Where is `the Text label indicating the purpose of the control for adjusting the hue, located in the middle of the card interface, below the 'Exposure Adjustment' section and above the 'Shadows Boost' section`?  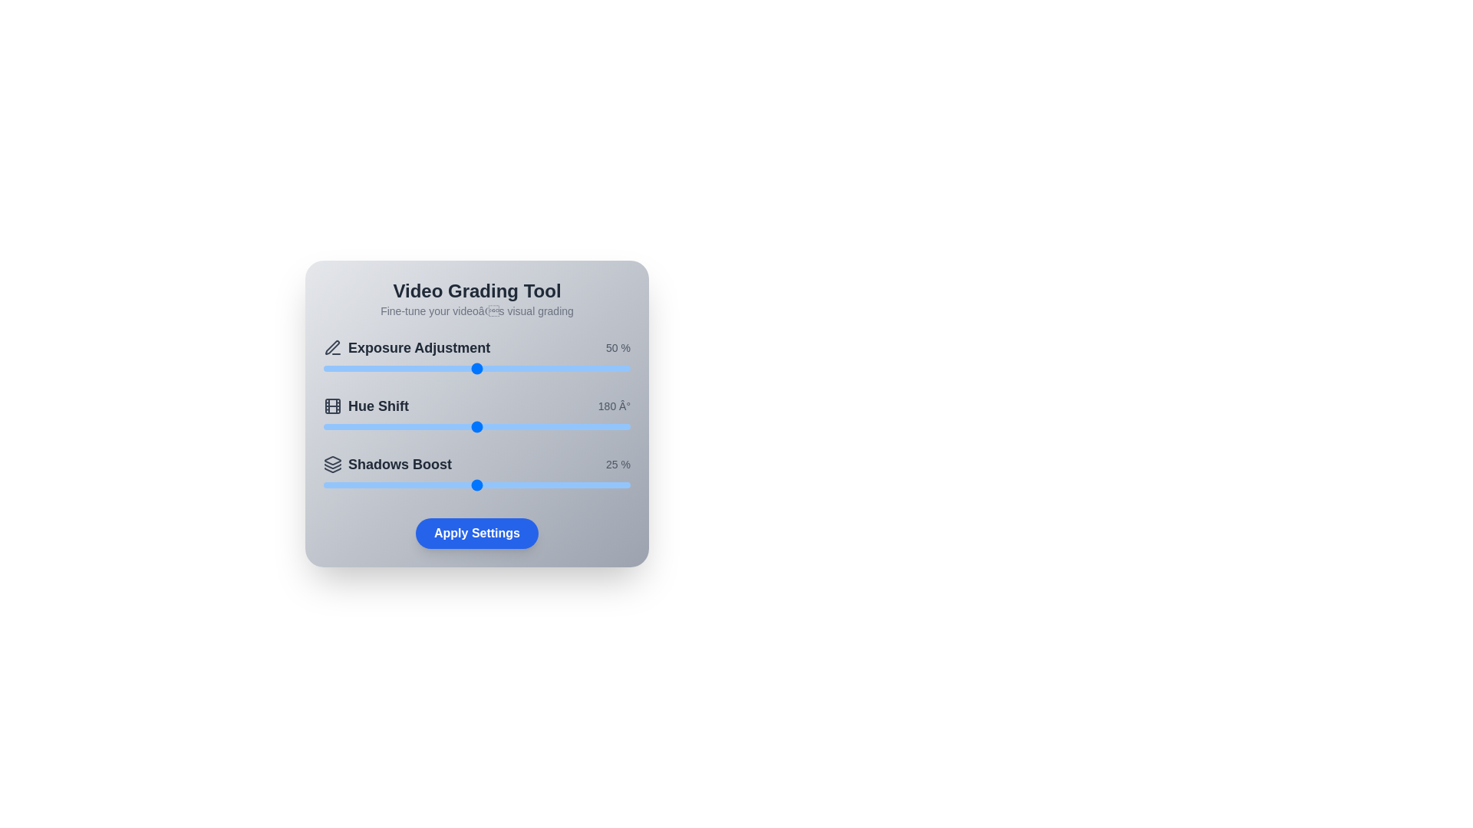
the Text label indicating the purpose of the control for adjusting the hue, located in the middle of the card interface, below the 'Exposure Adjustment' section and above the 'Shadows Boost' section is located at coordinates (378, 405).